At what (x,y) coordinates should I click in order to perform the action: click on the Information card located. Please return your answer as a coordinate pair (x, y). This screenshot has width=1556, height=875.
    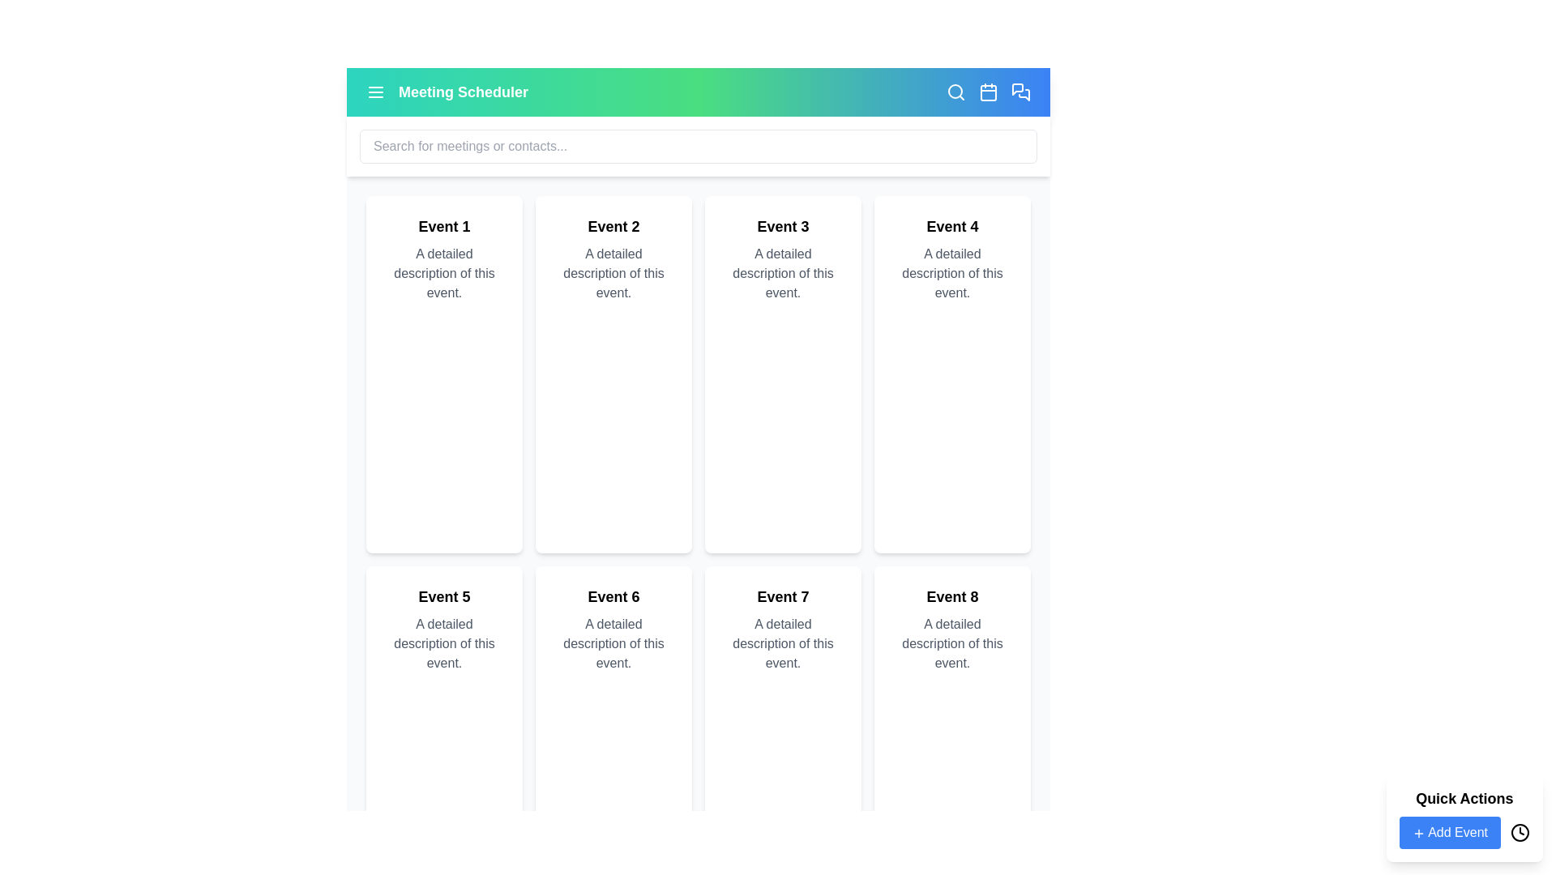
    Looking at the image, I should click on (952, 374).